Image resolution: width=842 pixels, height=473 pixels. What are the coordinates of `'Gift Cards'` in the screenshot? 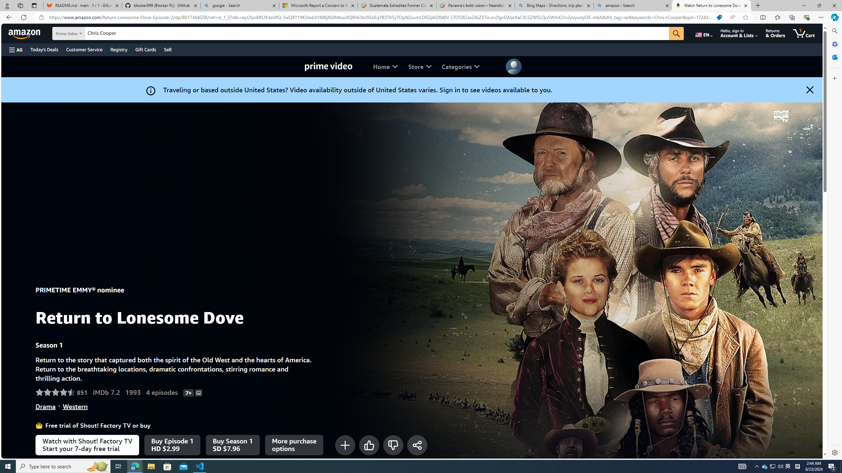 It's located at (145, 49).